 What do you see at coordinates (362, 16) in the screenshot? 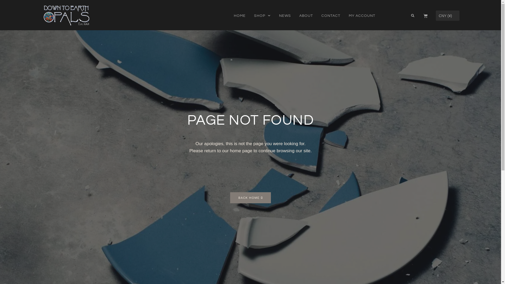
I see `'MY ACCOUNT'` at bounding box center [362, 16].